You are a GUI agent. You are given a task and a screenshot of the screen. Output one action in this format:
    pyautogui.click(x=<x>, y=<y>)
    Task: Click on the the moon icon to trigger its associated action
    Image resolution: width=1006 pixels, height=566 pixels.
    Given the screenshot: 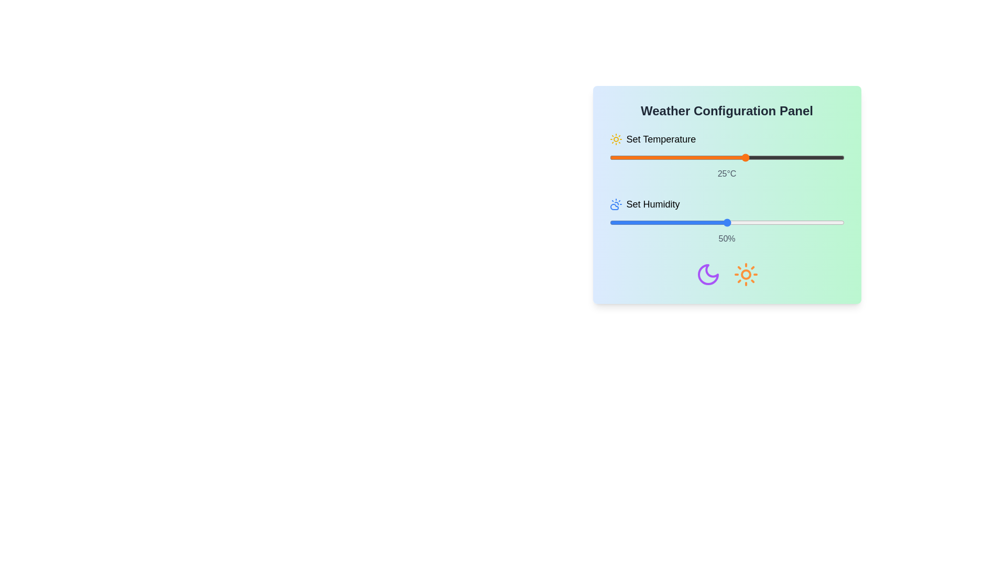 What is the action you would take?
    pyautogui.click(x=708, y=274)
    